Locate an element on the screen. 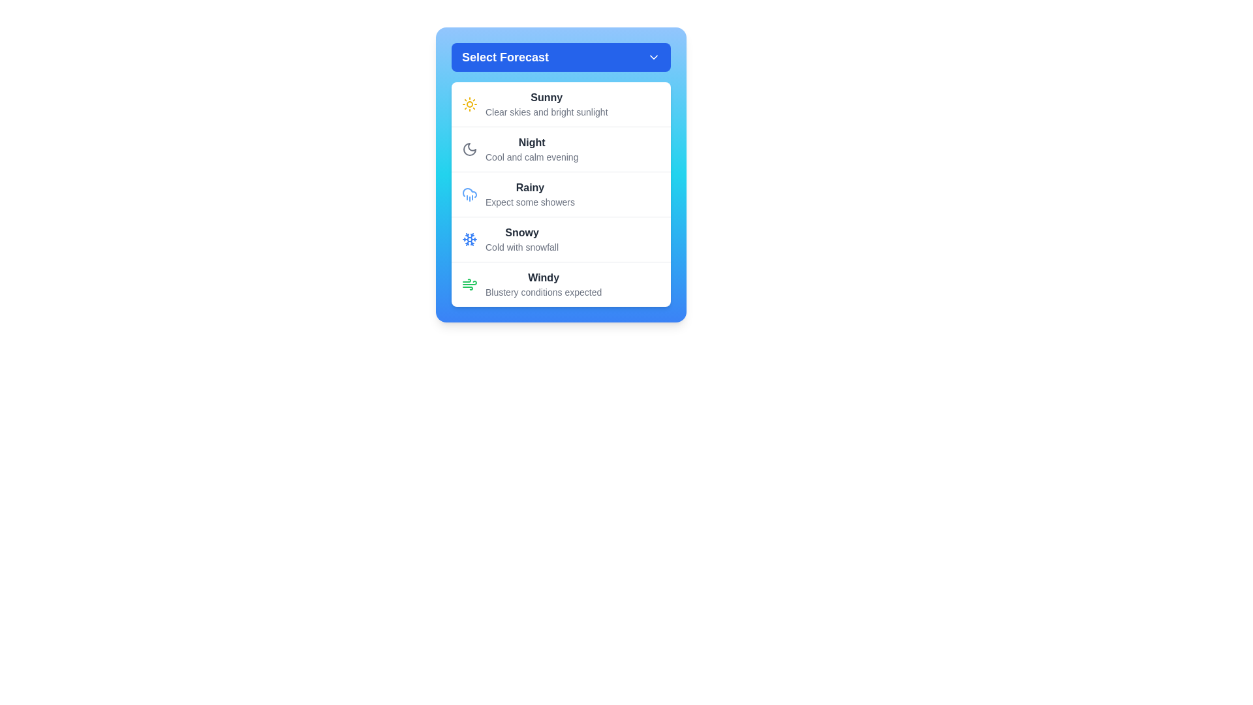  the second list item featuring a crescent moon icon, labeled 'Night' is located at coordinates (561, 148).